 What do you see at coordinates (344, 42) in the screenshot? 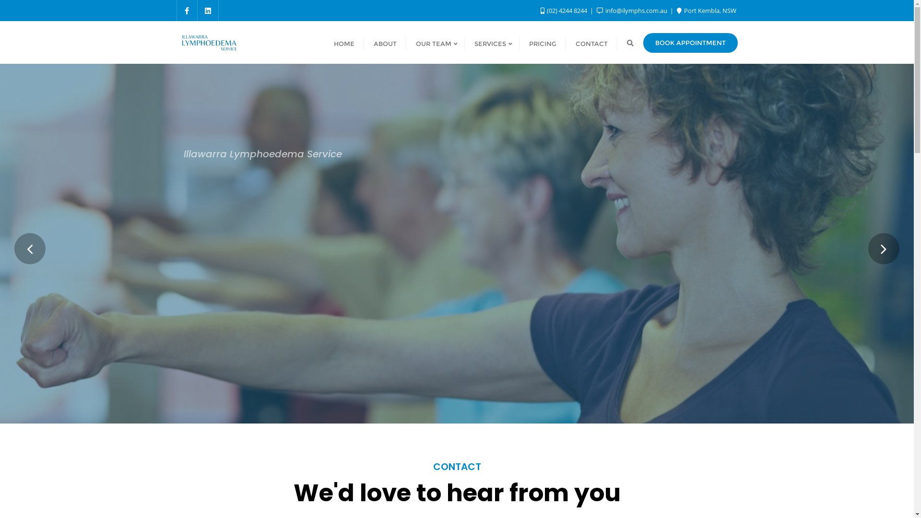
I see `'HOME'` at bounding box center [344, 42].